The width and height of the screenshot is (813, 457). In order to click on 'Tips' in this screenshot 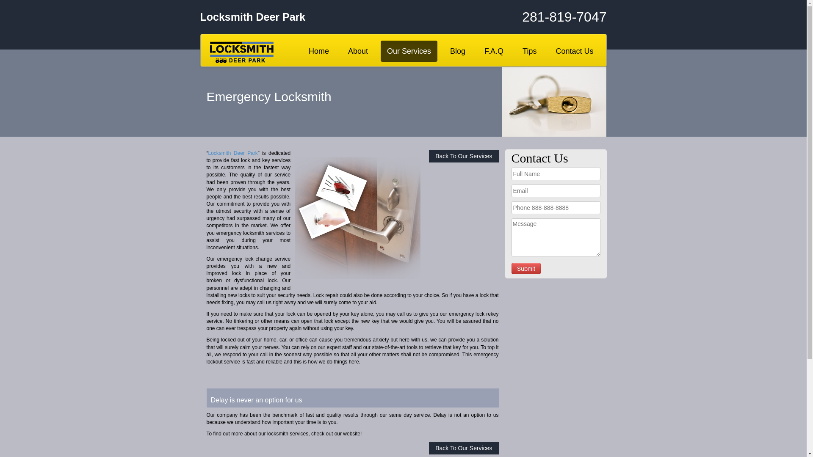, I will do `click(529, 51)`.